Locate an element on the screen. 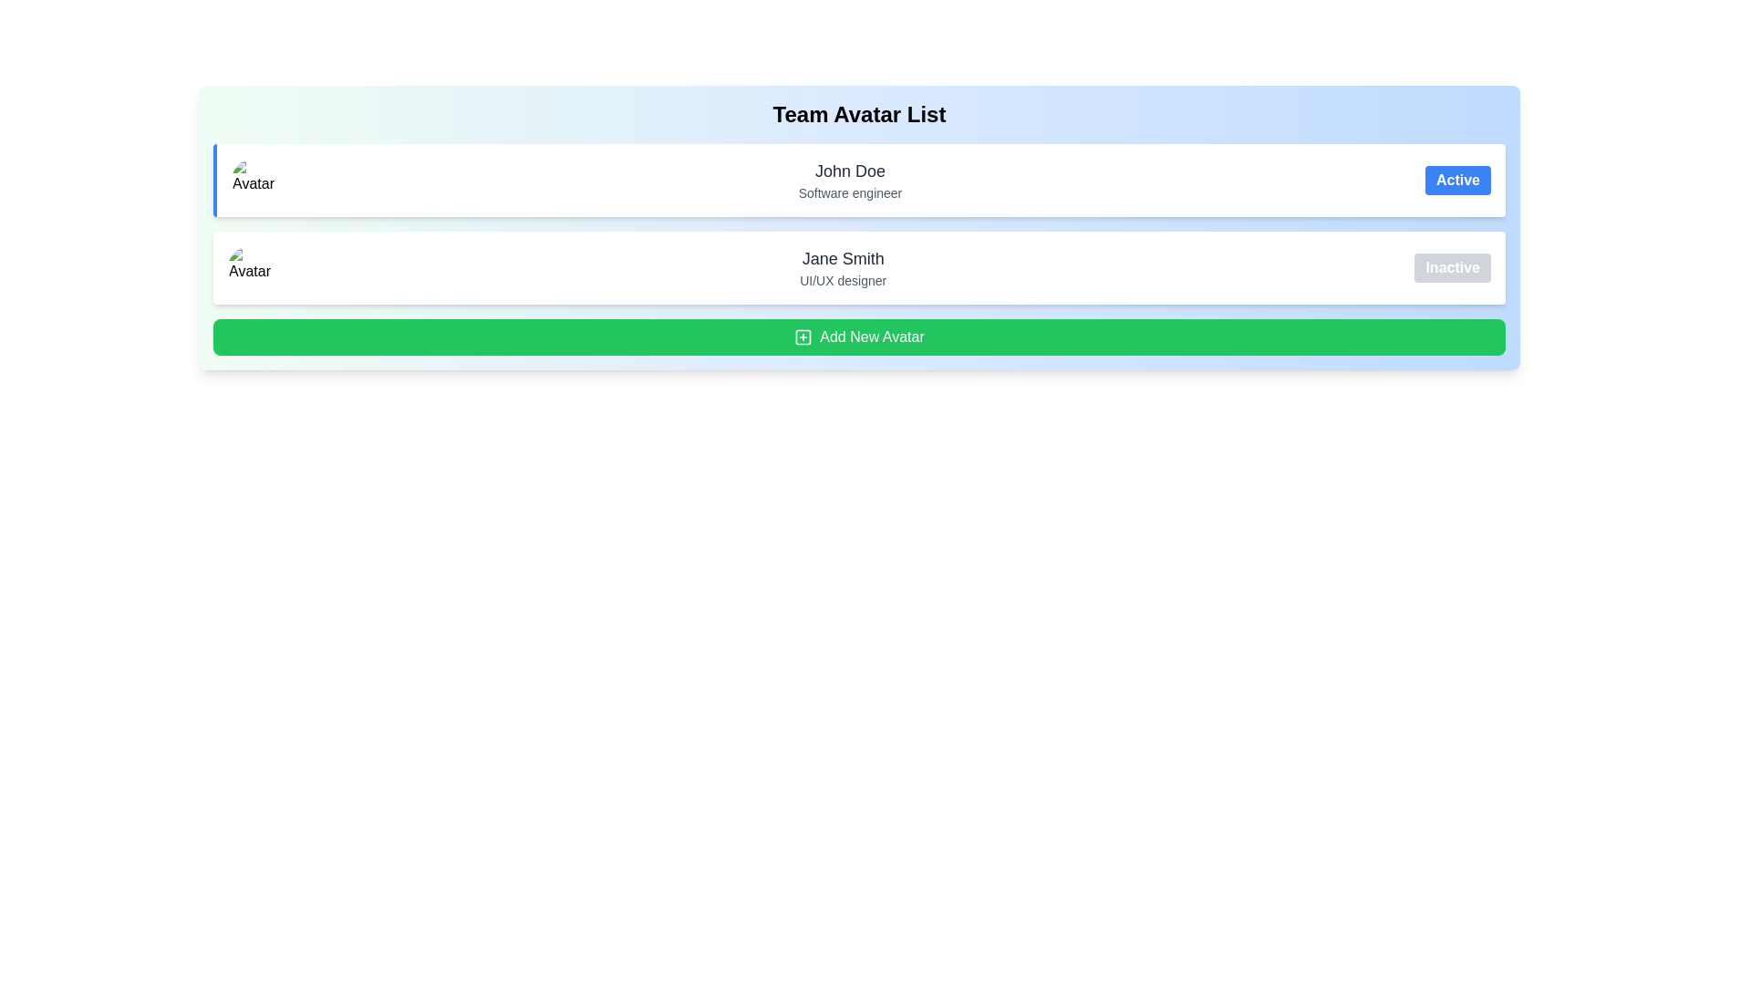 This screenshot has width=1751, height=985. the 'Add New Avatar' button to add a new avatar to the list is located at coordinates (857, 337).